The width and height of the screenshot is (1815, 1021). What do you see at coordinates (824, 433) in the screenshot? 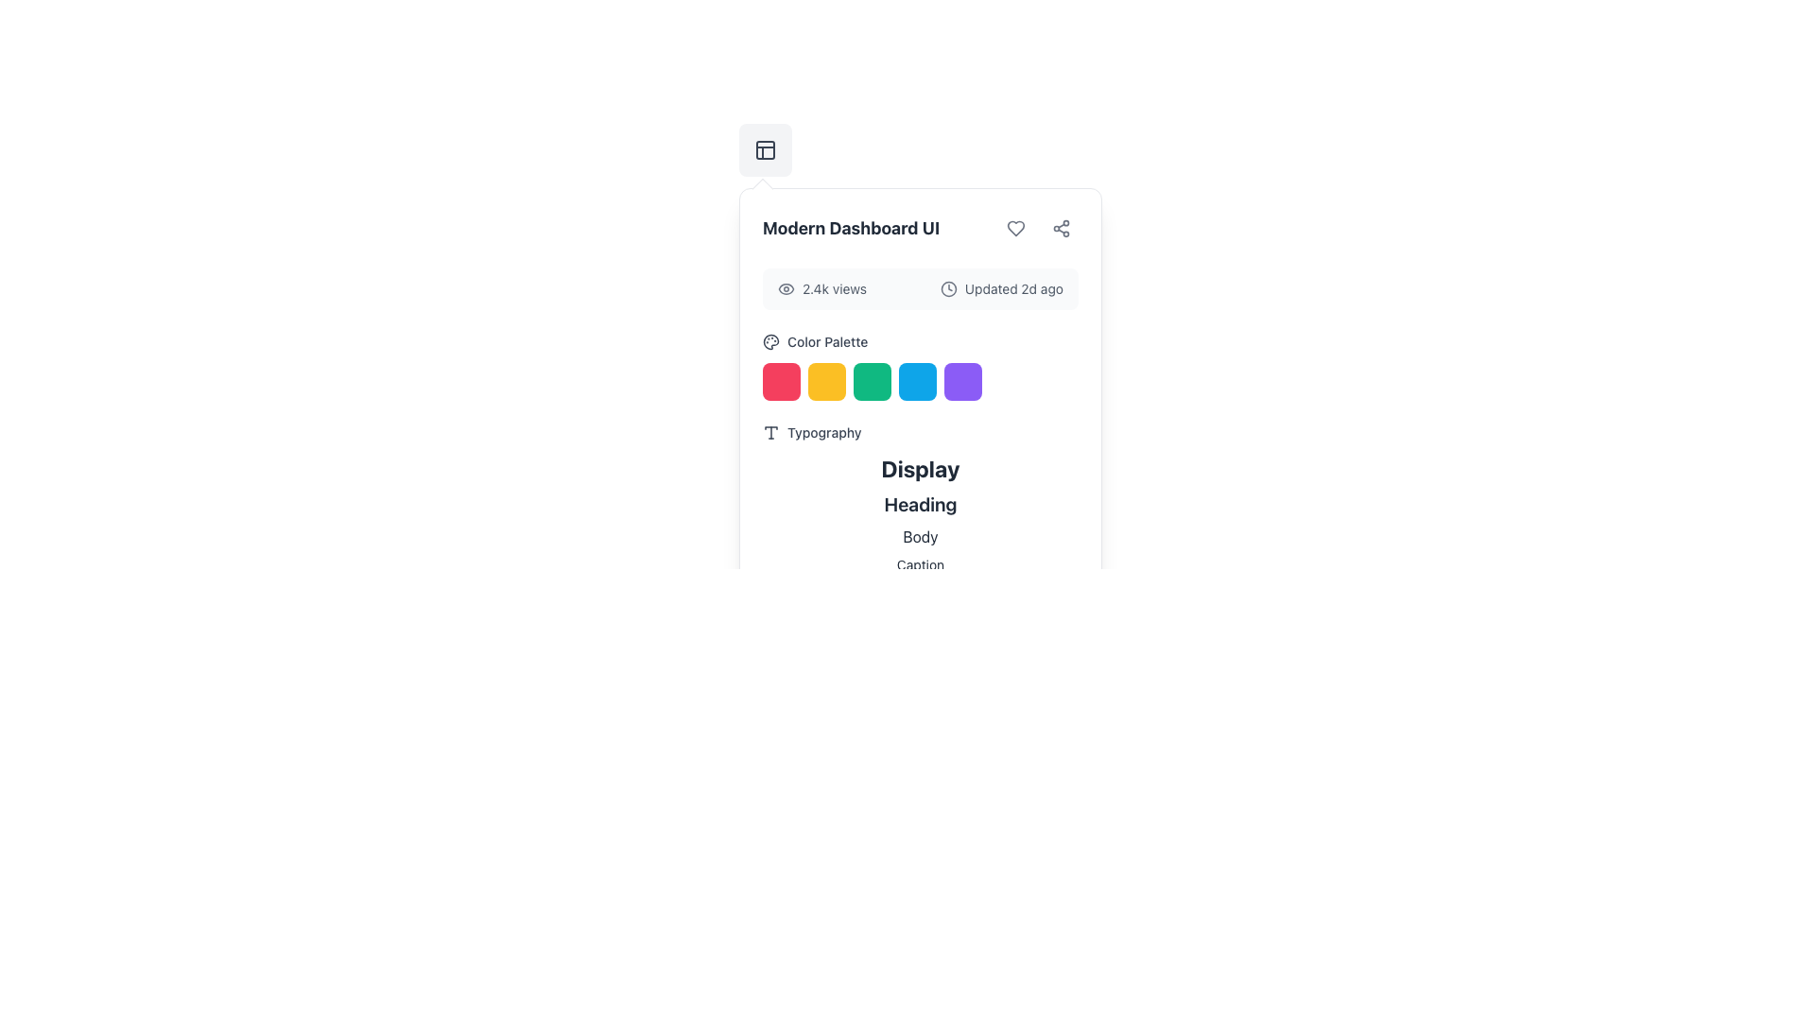
I see `the text label displaying 'Typography' which is styled in medium gray font color and is centrally located below the 'Color Palette' section` at bounding box center [824, 433].